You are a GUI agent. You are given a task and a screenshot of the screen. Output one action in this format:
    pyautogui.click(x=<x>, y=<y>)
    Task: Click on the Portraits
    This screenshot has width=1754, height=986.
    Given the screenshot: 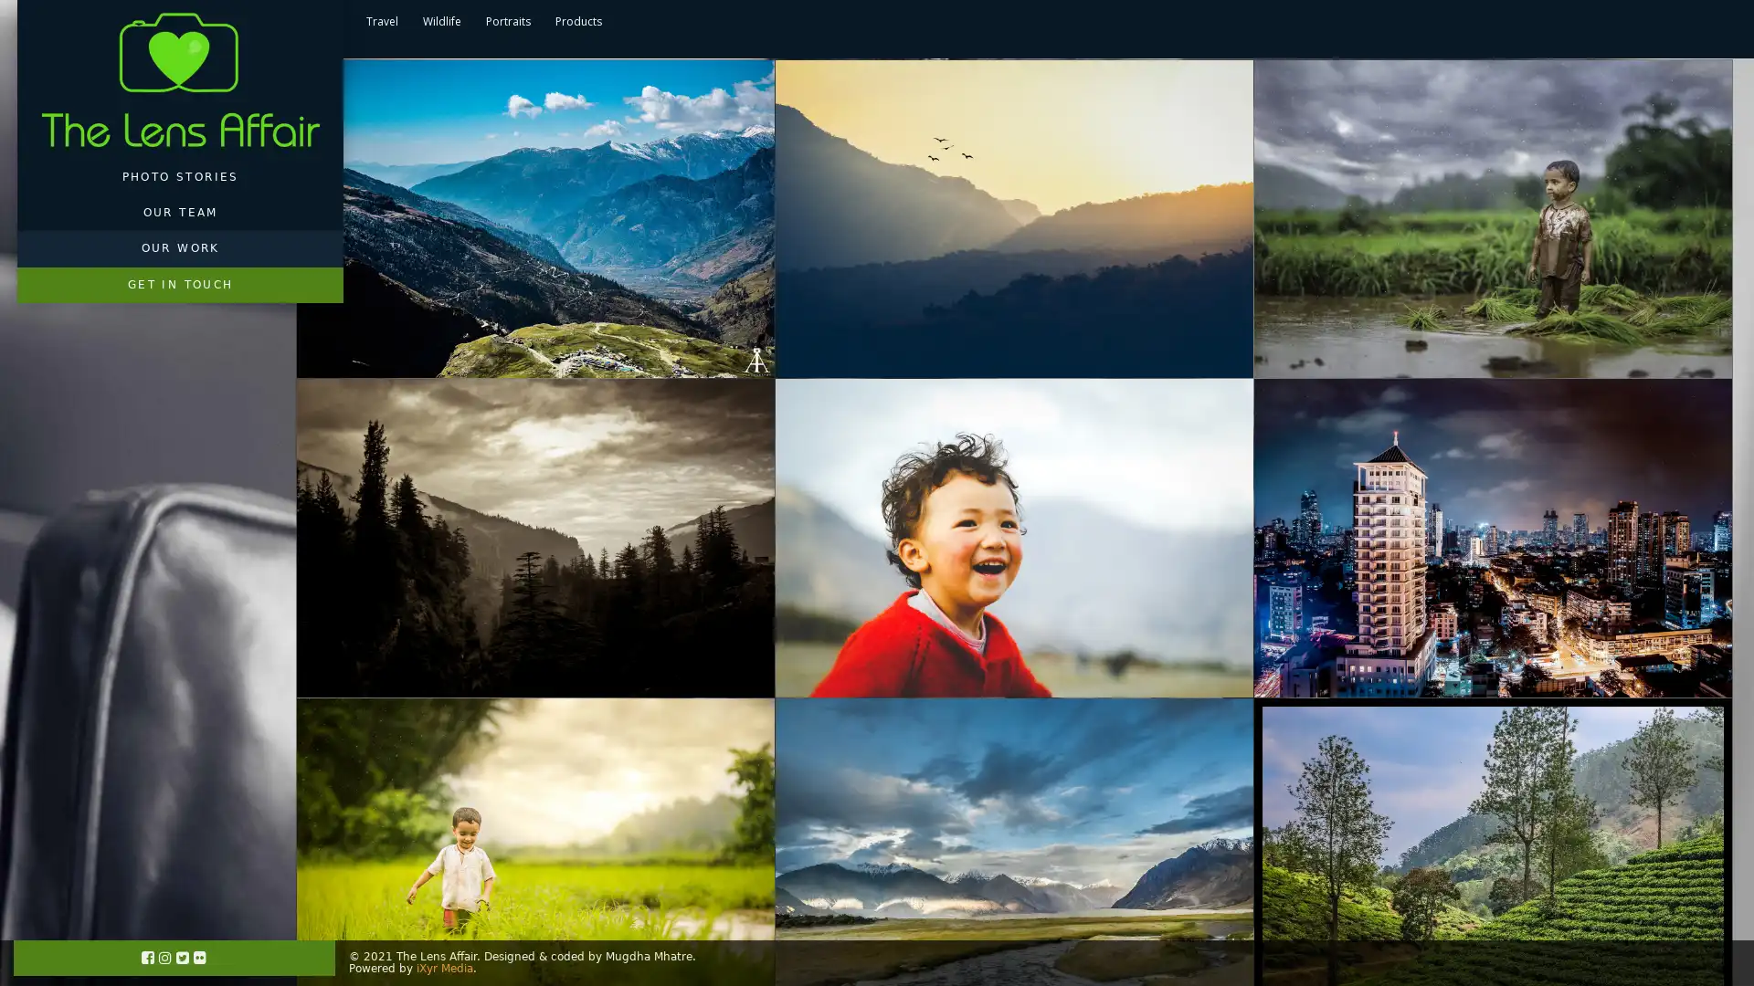 What is the action you would take?
    pyautogui.click(x=507, y=21)
    